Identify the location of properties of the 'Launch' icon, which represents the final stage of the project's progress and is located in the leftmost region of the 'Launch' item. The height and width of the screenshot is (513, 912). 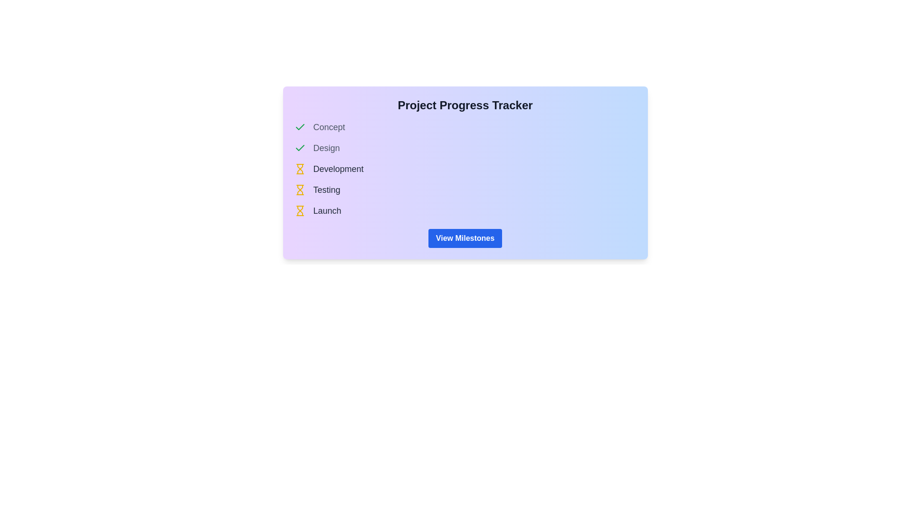
(299, 210).